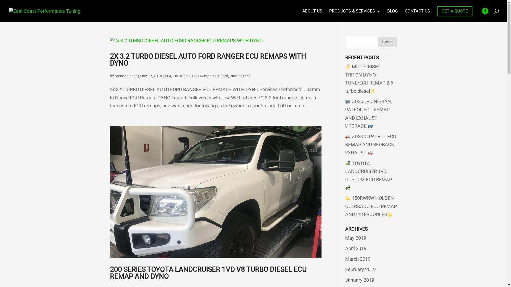 The height and width of the screenshot is (287, 511). What do you see at coordinates (125, 76) in the screenshot?
I see `'brendan pace'` at bounding box center [125, 76].